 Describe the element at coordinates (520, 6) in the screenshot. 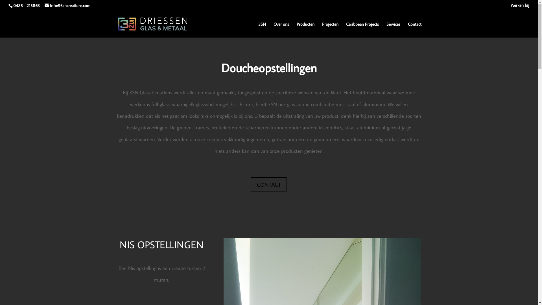

I see `'Werken bij'` at that location.